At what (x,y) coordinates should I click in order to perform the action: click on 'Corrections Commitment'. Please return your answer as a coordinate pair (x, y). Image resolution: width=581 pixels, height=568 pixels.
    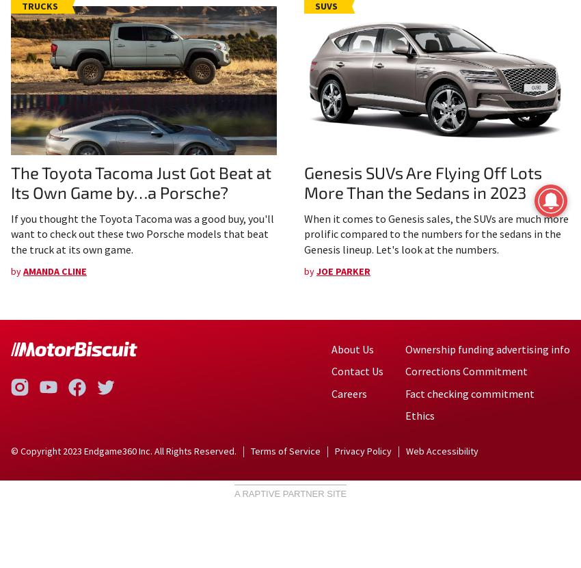
    Looking at the image, I should click on (405, 370).